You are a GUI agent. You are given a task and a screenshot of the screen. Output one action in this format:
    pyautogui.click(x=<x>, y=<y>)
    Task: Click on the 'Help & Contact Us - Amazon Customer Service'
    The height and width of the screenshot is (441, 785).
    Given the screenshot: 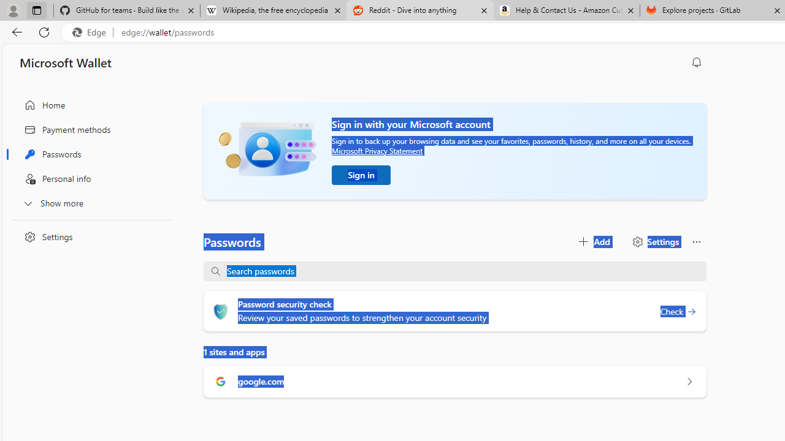 What is the action you would take?
    pyautogui.click(x=566, y=10)
    